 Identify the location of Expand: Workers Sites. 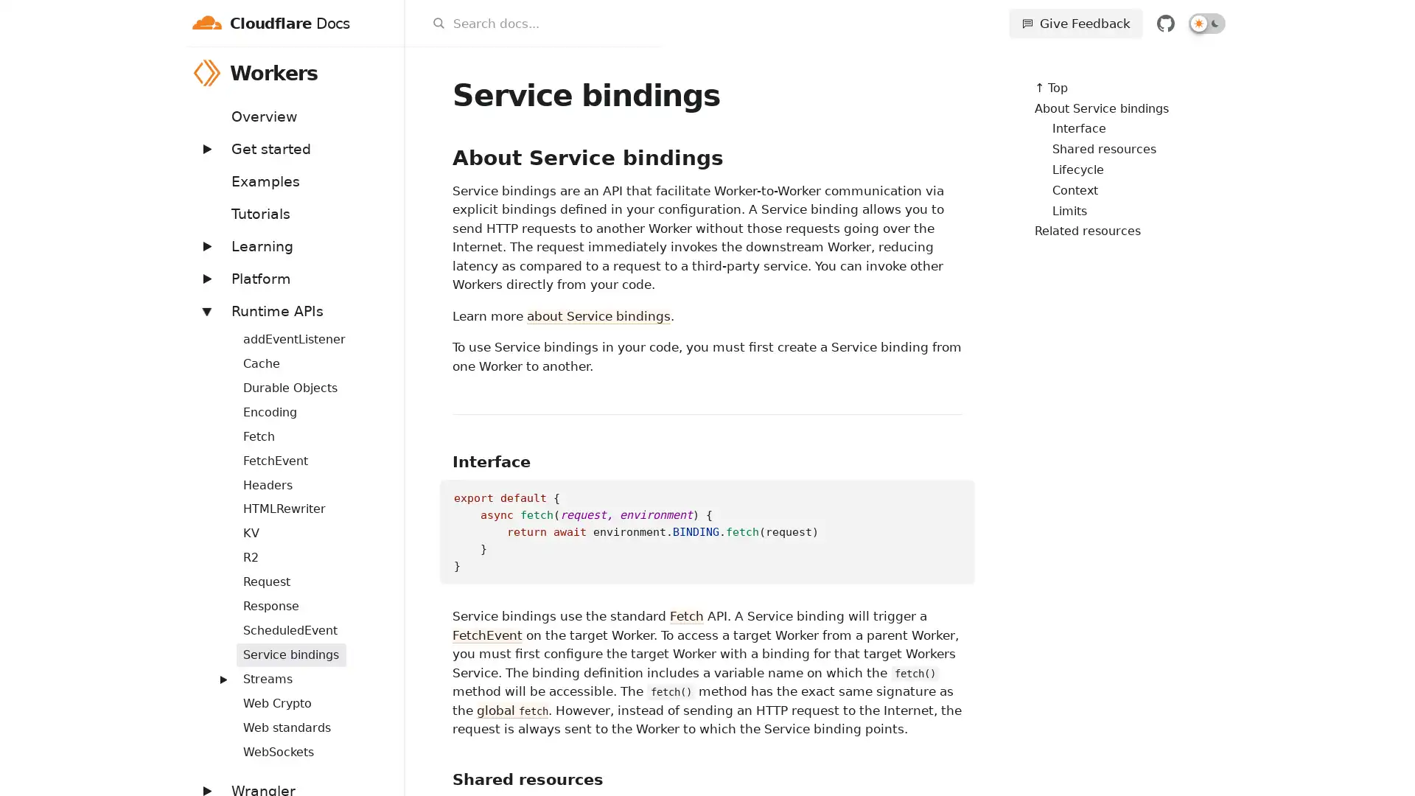
(214, 671).